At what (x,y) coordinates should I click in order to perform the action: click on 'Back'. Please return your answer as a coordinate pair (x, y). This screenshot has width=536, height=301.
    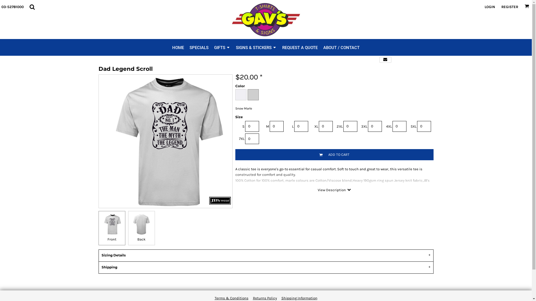
    Looking at the image, I should click on (141, 228).